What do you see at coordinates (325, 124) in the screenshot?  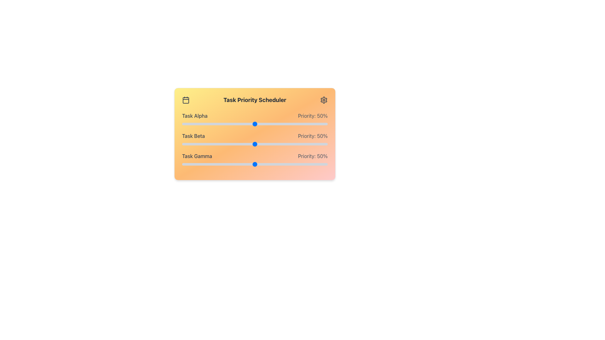 I see `task priority` at bounding box center [325, 124].